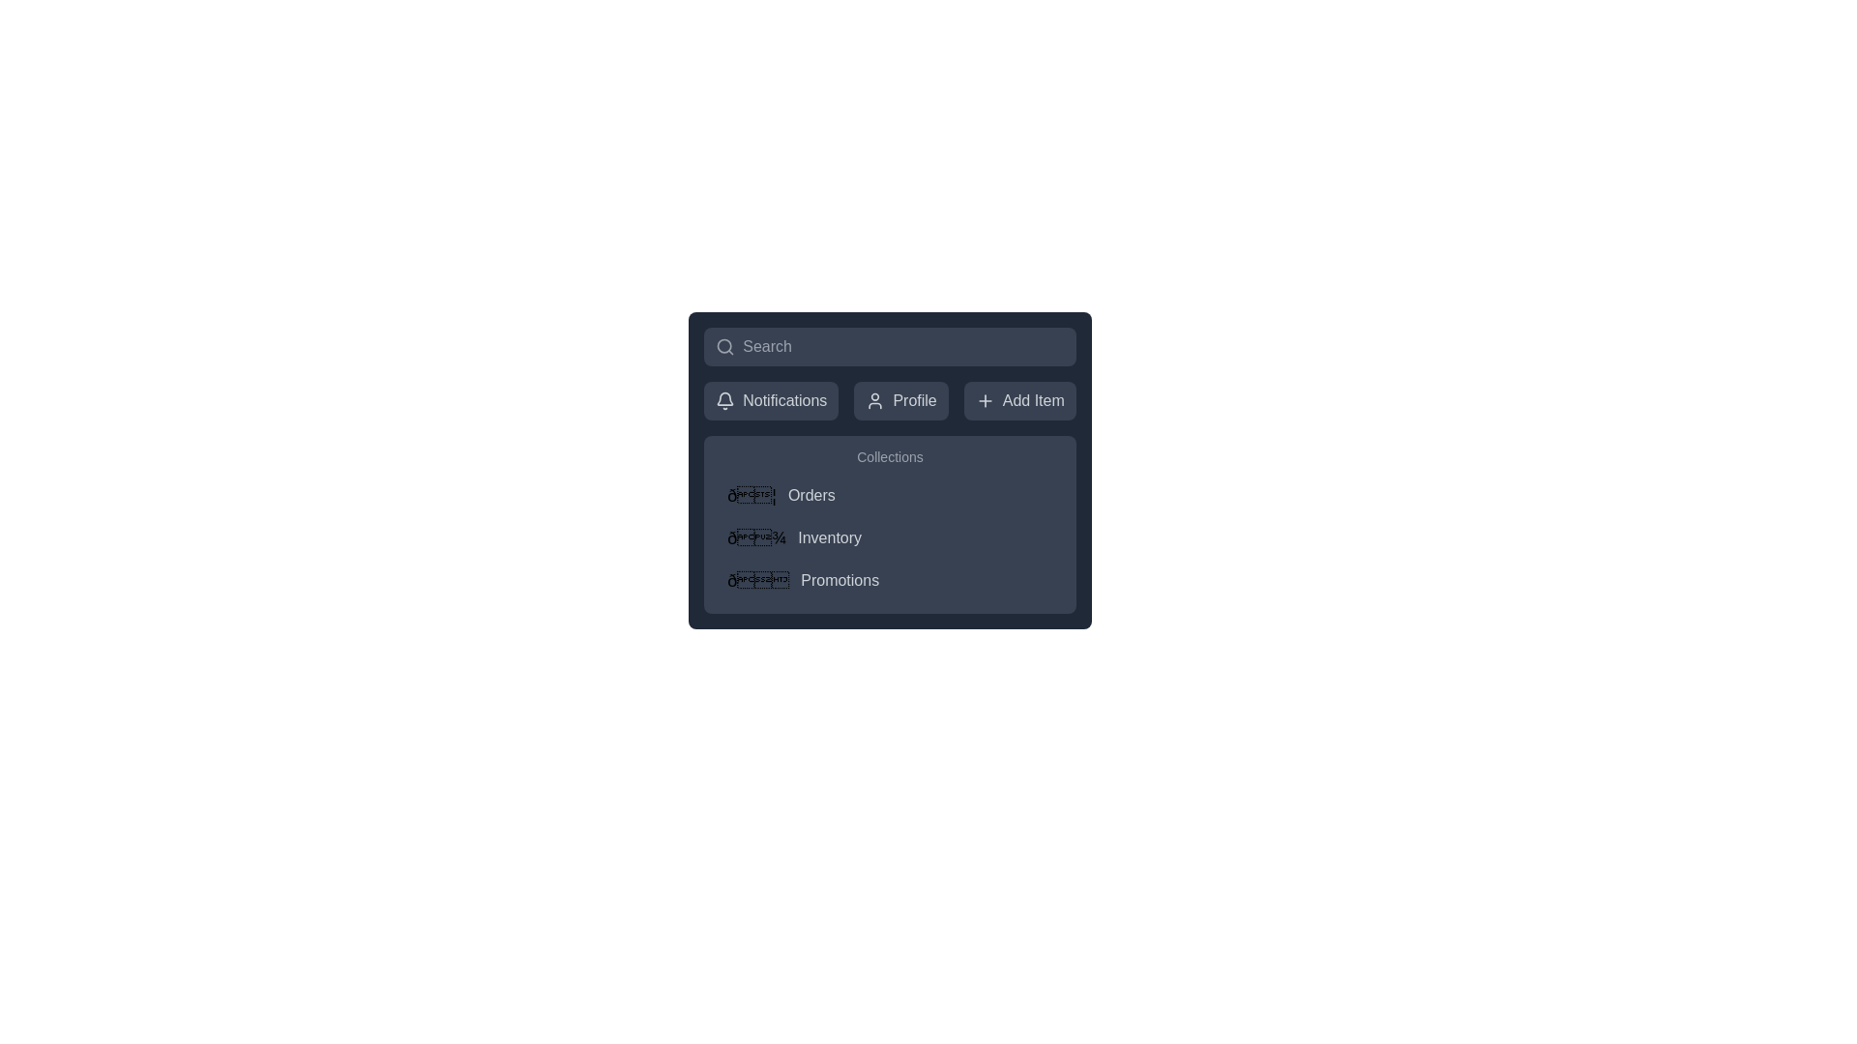  I want to click on the Notifications button, which features a bell icon and changes color on hover, located in the horizontal navigation bar to the left of Profile and Add Item, so click(770, 400).